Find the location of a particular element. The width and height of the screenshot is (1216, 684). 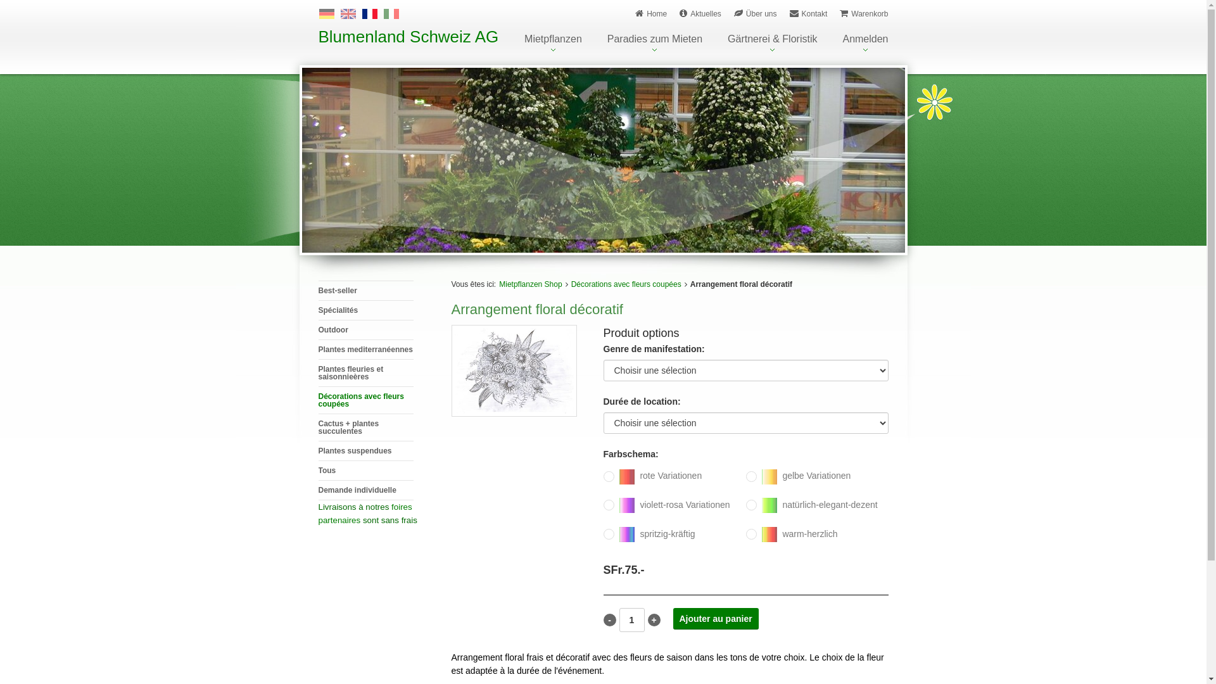

'Deutsch' is located at coordinates (327, 14).